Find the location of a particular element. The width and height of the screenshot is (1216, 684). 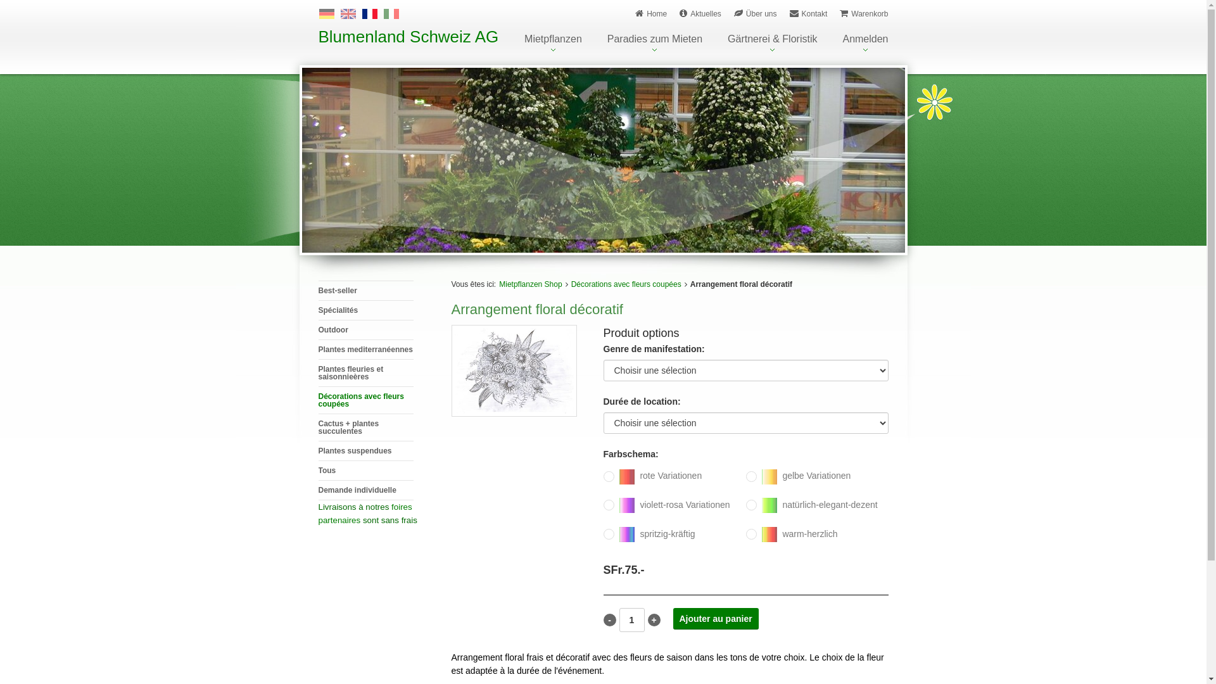

'Deutsch' is located at coordinates (327, 14).